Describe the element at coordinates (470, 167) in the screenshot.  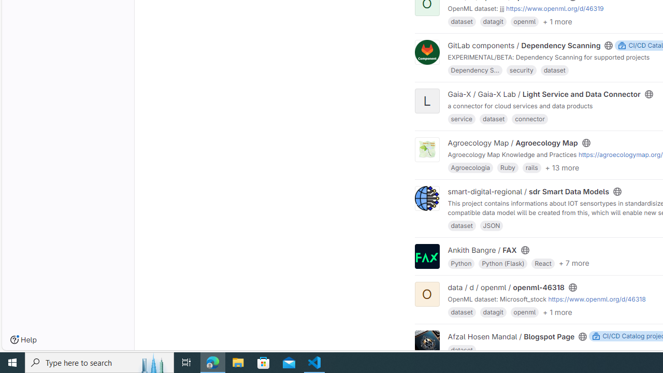
I see `'Agroecologia'` at that location.